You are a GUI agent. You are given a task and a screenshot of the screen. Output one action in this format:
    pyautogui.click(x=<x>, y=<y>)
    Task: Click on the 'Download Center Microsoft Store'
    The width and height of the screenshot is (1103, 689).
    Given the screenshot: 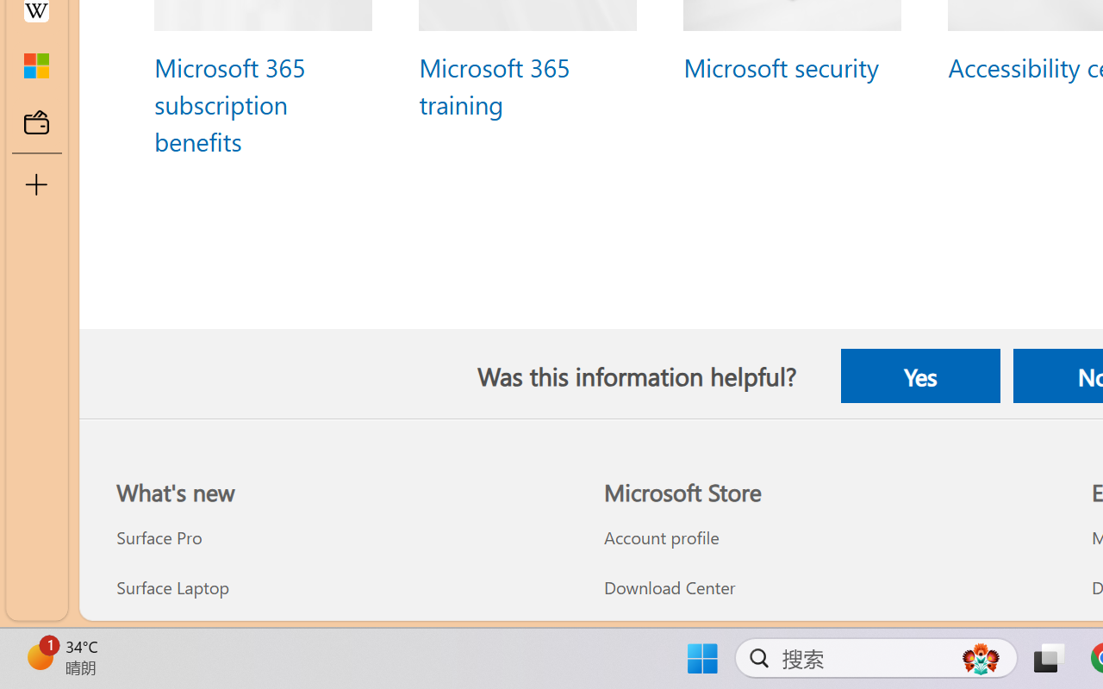 What is the action you would take?
    pyautogui.click(x=668, y=587)
    